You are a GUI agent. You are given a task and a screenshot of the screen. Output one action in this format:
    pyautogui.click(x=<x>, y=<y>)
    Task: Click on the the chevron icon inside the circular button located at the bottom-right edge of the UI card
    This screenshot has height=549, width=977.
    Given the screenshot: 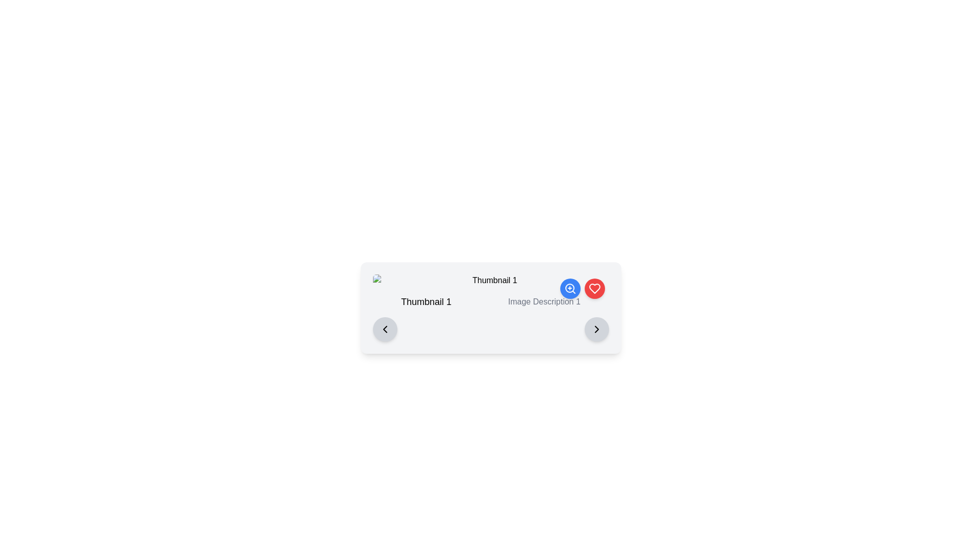 What is the action you would take?
    pyautogui.click(x=596, y=329)
    